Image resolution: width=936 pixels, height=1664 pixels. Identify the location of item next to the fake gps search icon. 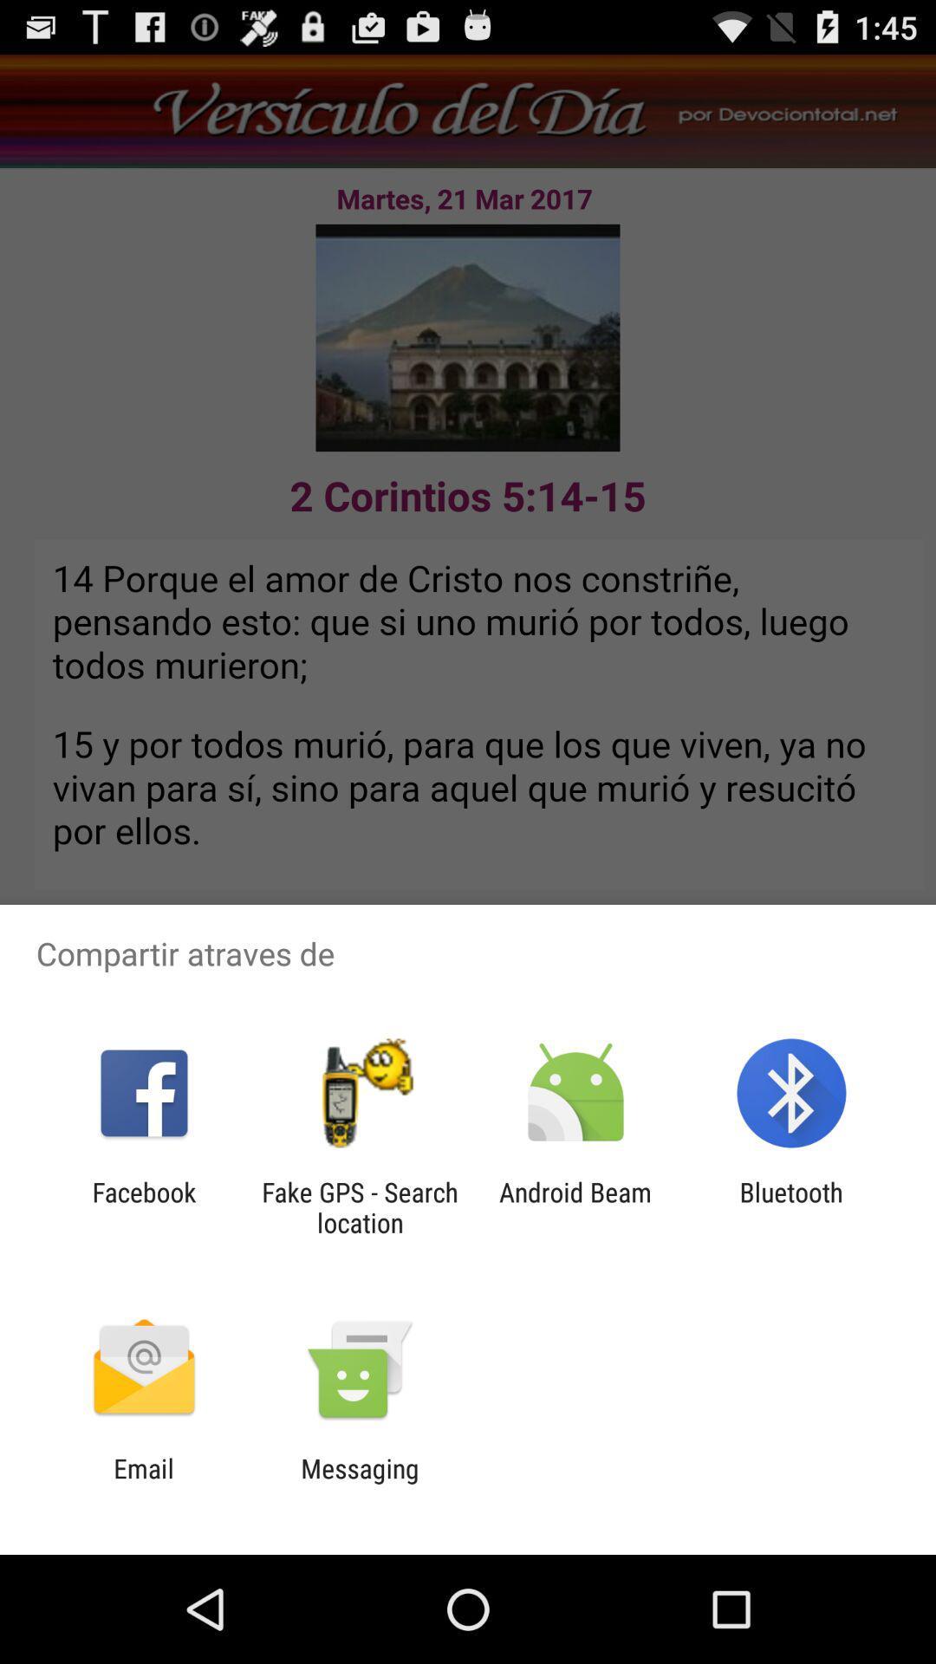
(143, 1206).